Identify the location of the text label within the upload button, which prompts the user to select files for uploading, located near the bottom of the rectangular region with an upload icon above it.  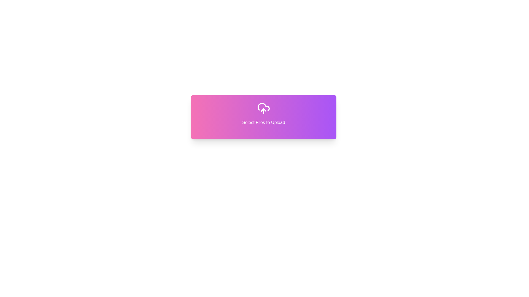
(263, 122).